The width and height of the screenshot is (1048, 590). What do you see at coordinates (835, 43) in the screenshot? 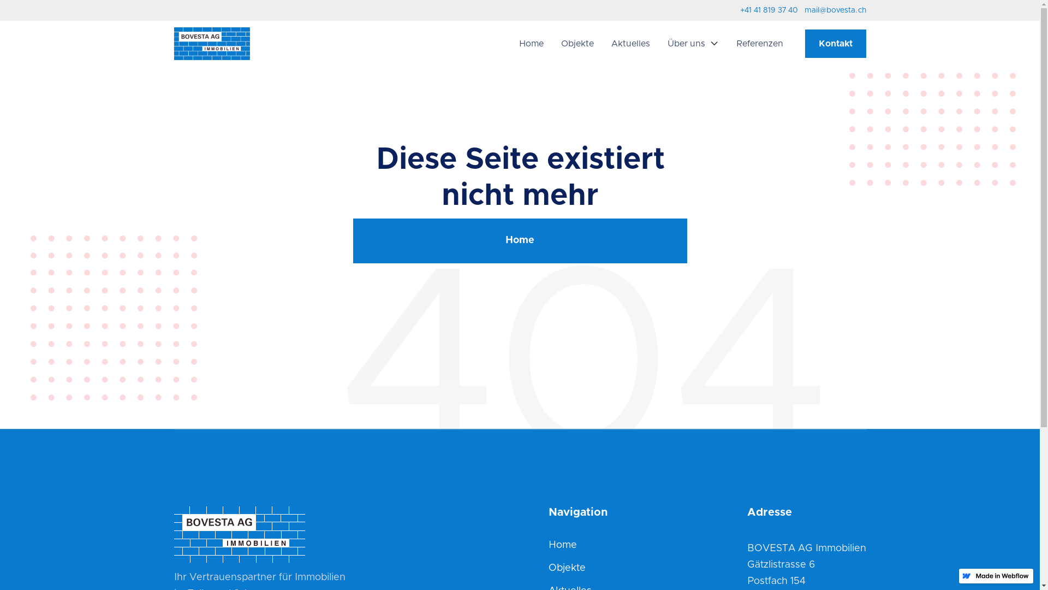
I see `'Kontakt'` at bounding box center [835, 43].